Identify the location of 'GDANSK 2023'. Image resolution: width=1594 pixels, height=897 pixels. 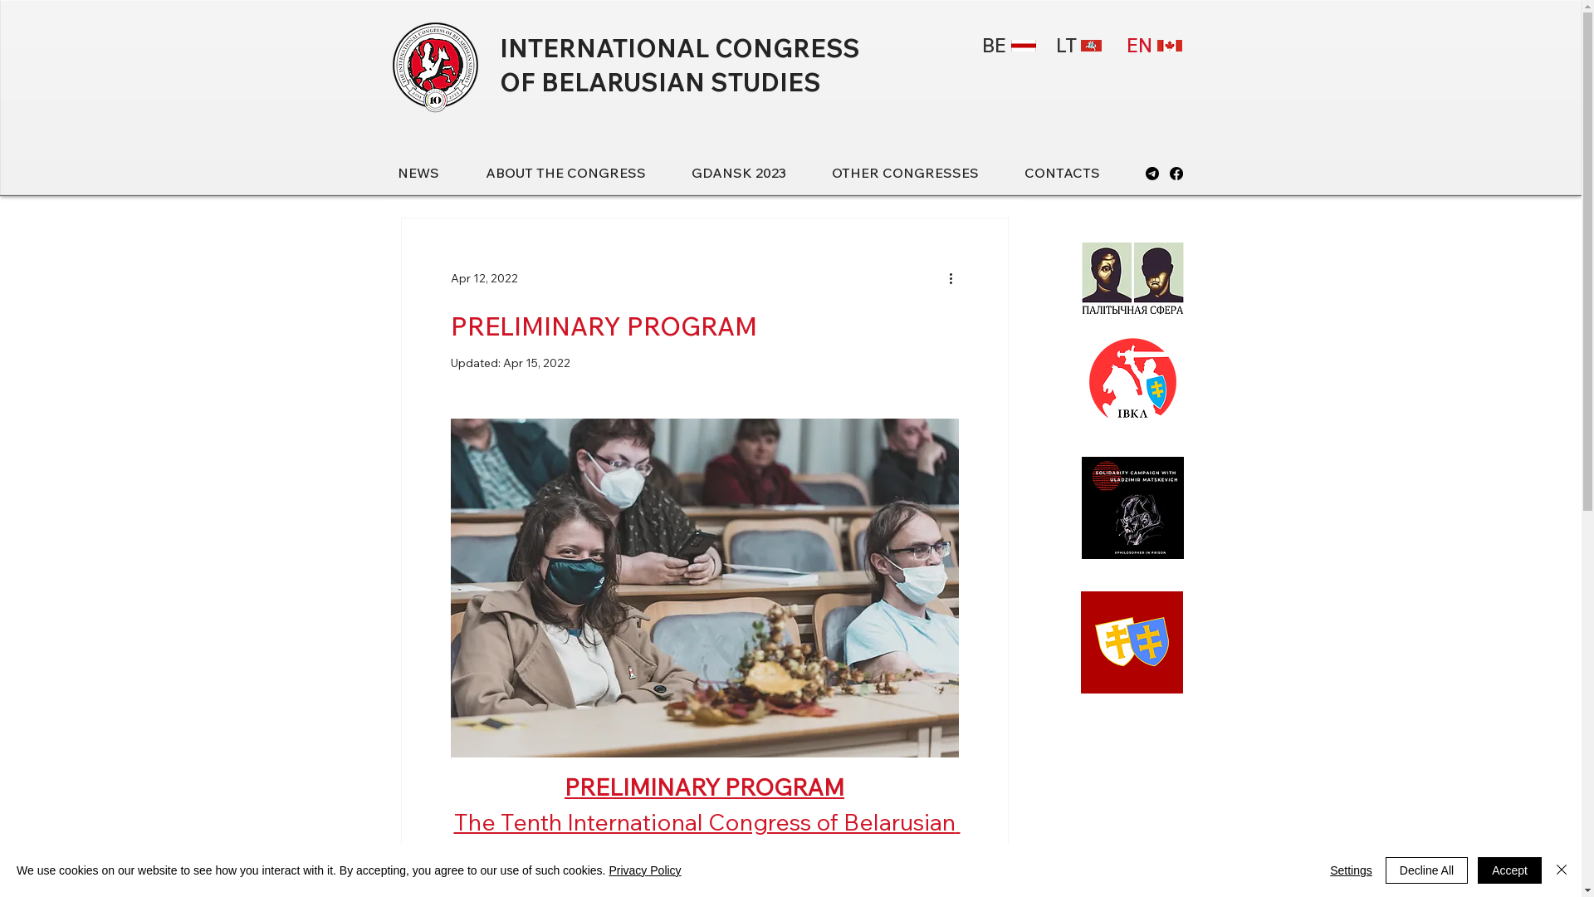
(682, 173).